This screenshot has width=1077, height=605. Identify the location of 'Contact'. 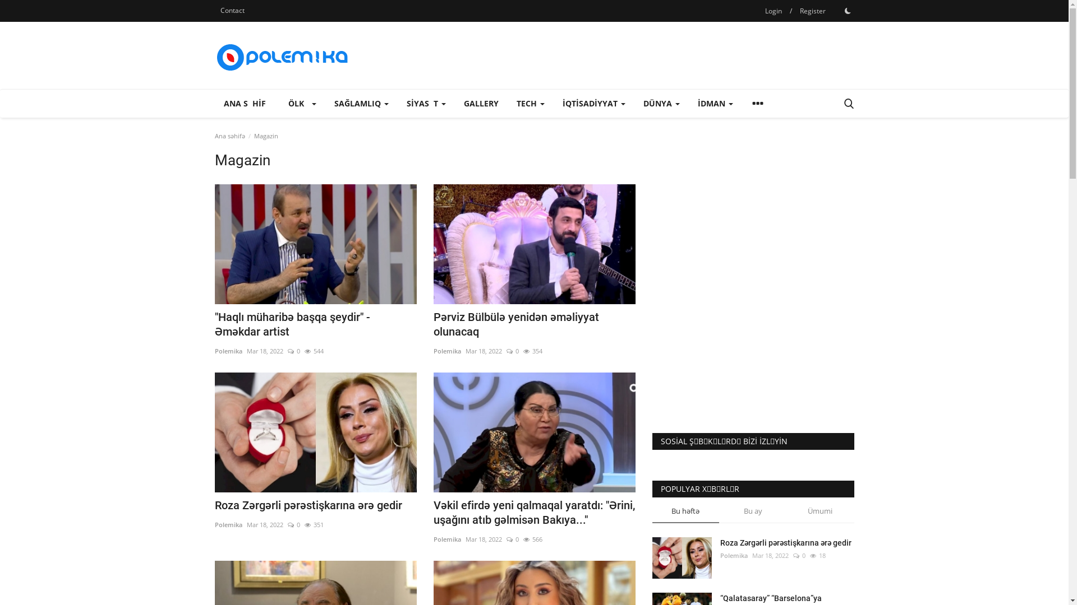
(231, 11).